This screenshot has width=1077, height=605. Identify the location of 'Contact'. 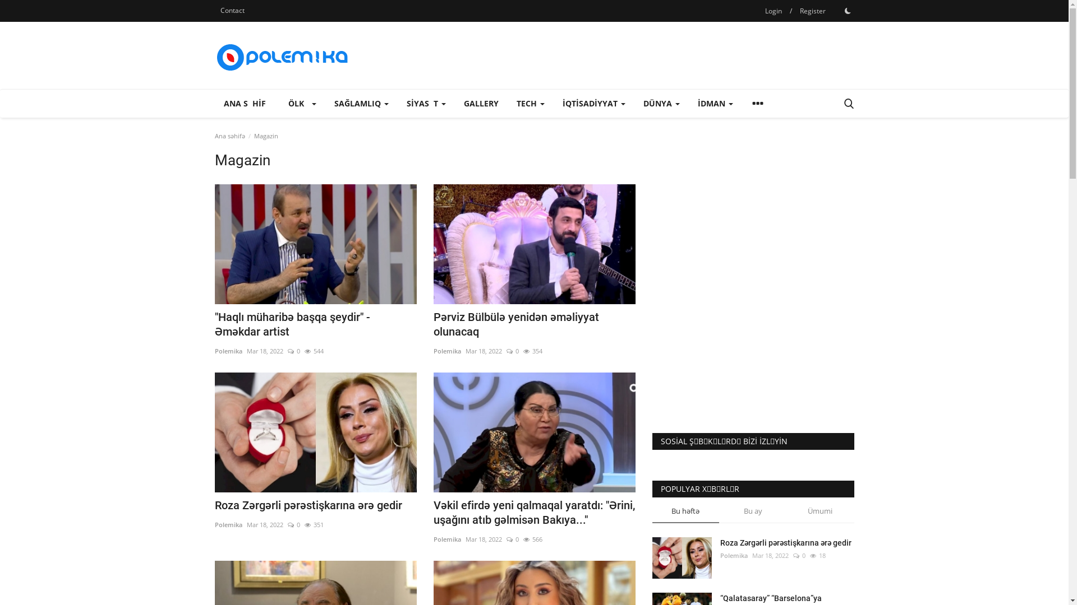
(231, 11).